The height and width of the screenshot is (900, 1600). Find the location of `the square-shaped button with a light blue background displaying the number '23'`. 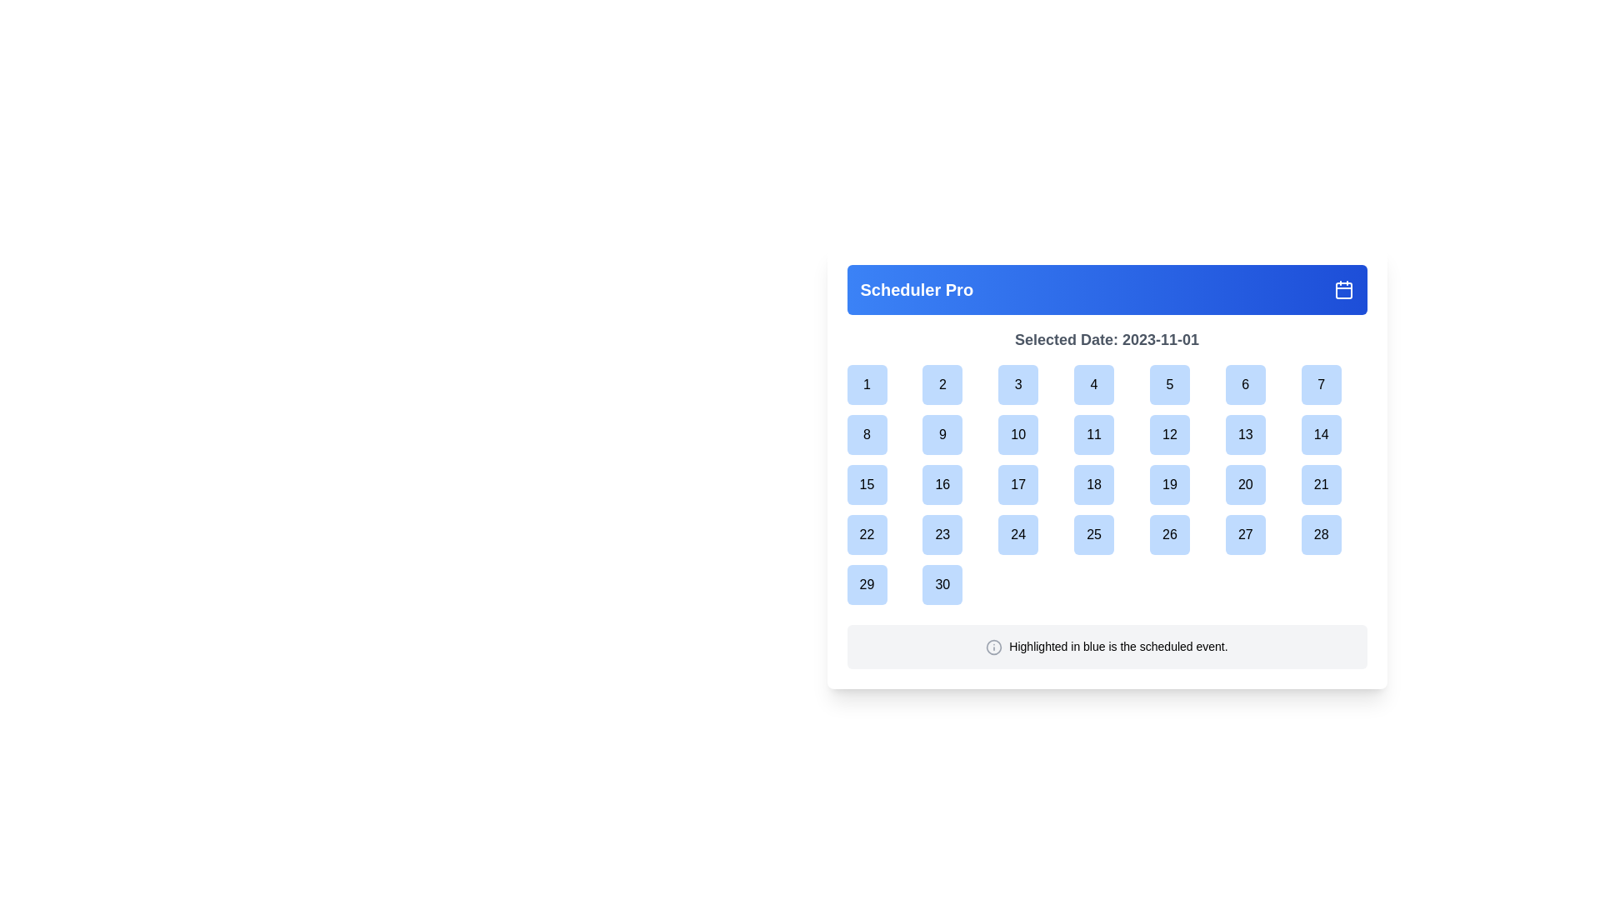

the square-shaped button with a light blue background displaying the number '23' is located at coordinates (955, 534).